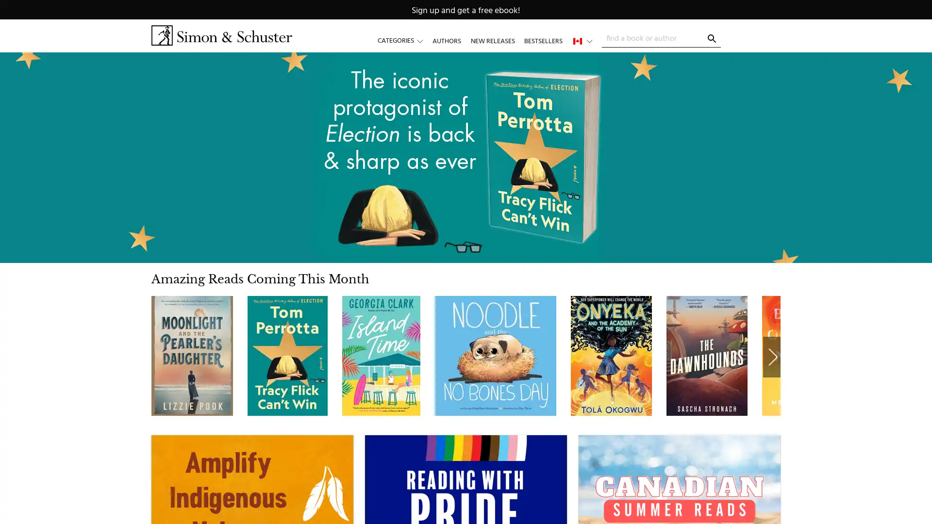 Image resolution: width=932 pixels, height=524 pixels. Describe the element at coordinates (405, 40) in the screenshot. I see `CATEGORIES` at that location.